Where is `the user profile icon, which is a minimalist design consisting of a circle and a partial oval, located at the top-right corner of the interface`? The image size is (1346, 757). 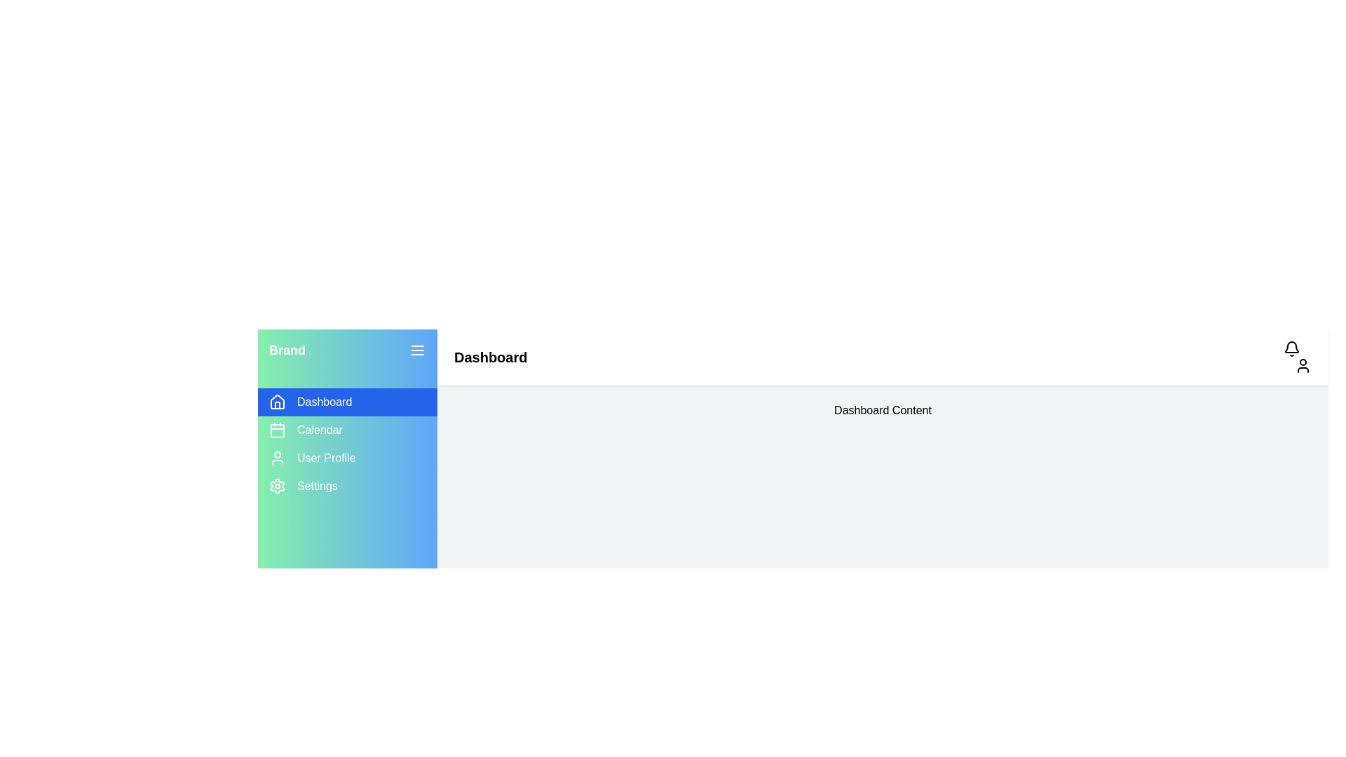
the user profile icon, which is a minimalist design consisting of a circle and a partial oval, located at the top-right corner of the interface is located at coordinates (1302, 364).